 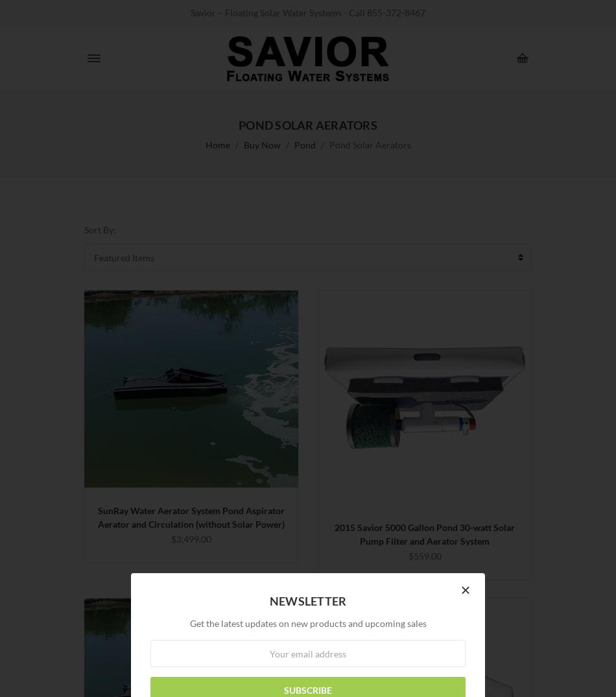 What do you see at coordinates (308, 12) in the screenshot?
I see `'Savior – Floating Solar Water Systems - Call 855-372-8467'` at bounding box center [308, 12].